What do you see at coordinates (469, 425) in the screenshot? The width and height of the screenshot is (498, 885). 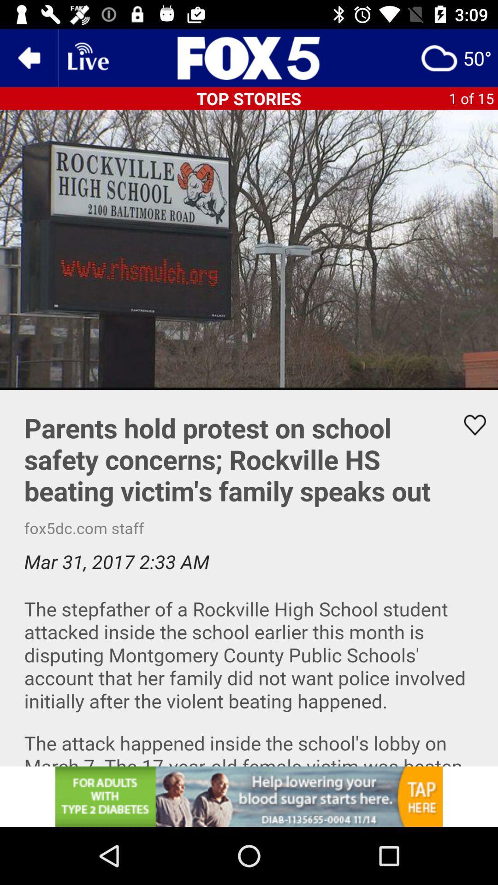 I see `the favorite icon` at bounding box center [469, 425].